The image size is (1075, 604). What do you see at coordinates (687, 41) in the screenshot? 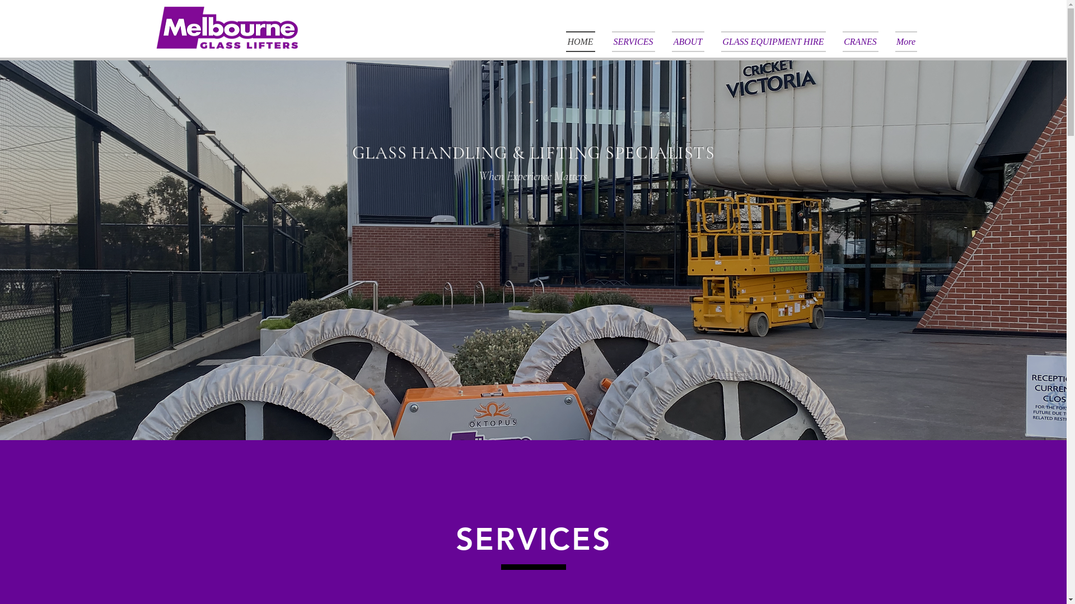
I see `'ABOUT'` at bounding box center [687, 41].